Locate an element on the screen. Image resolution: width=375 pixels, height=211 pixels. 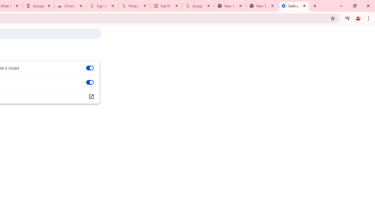
'Chrome Web Store - Color themes by Chrome' is located at coordinates (70, 6).